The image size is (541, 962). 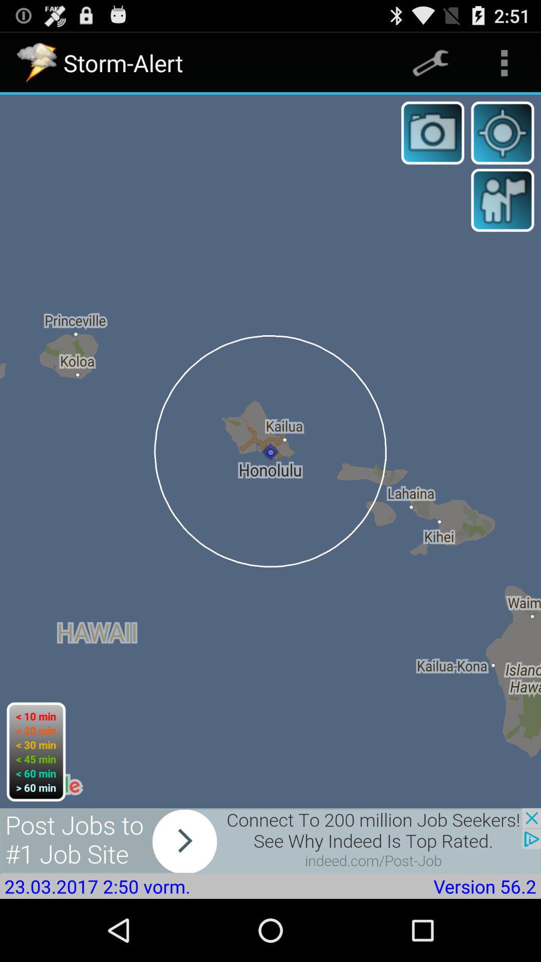 I want to click on camera image, so click(x=432, y=132).